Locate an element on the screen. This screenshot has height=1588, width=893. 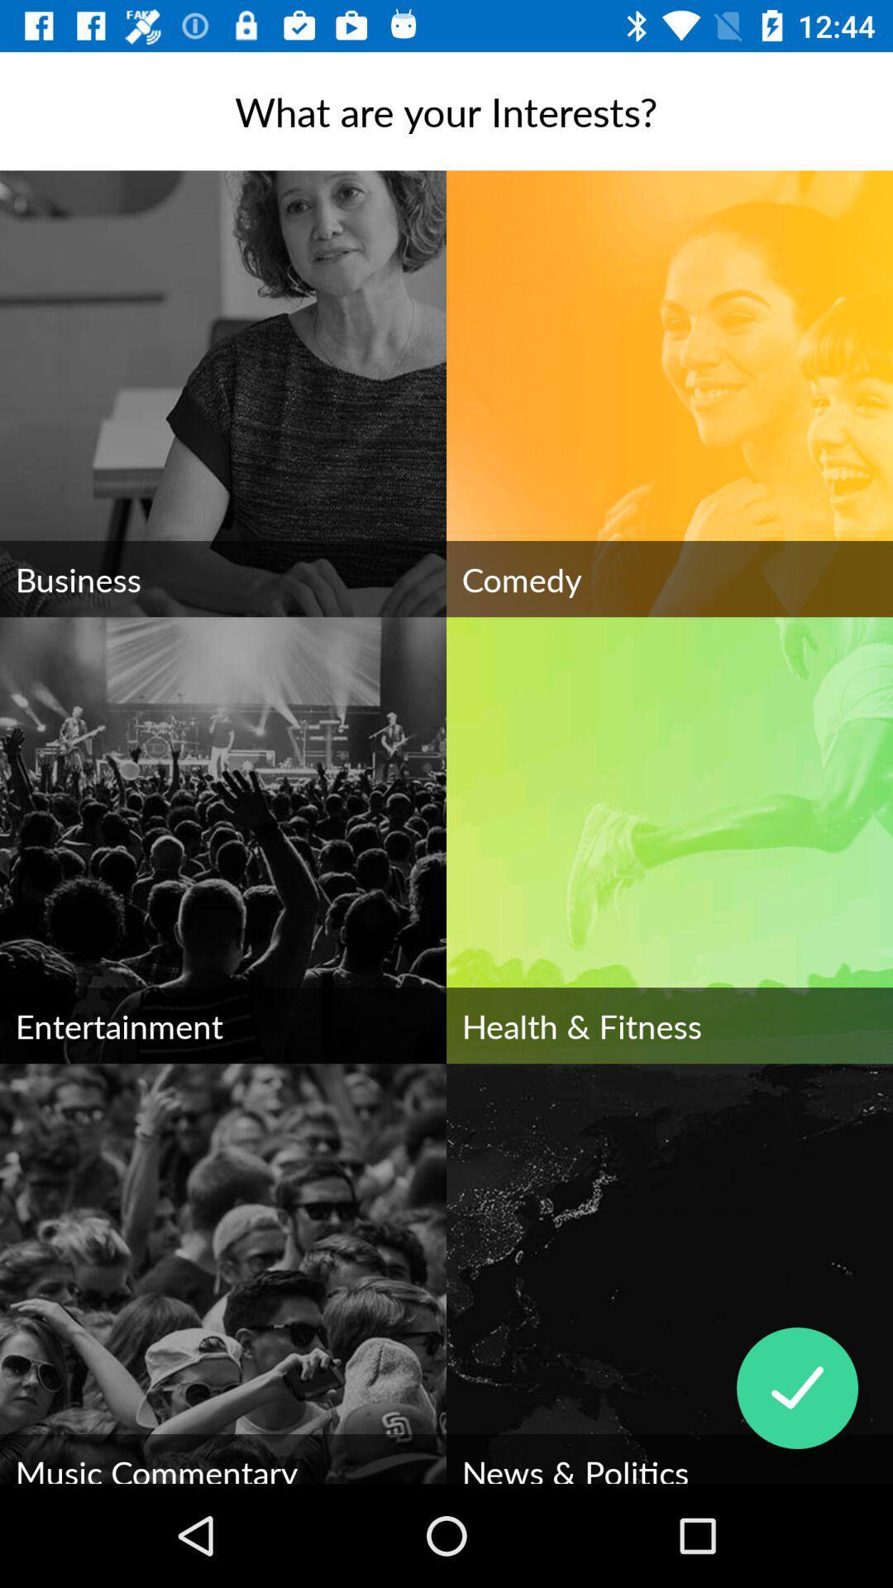
the check icon is located at coordinates (796, 1388).